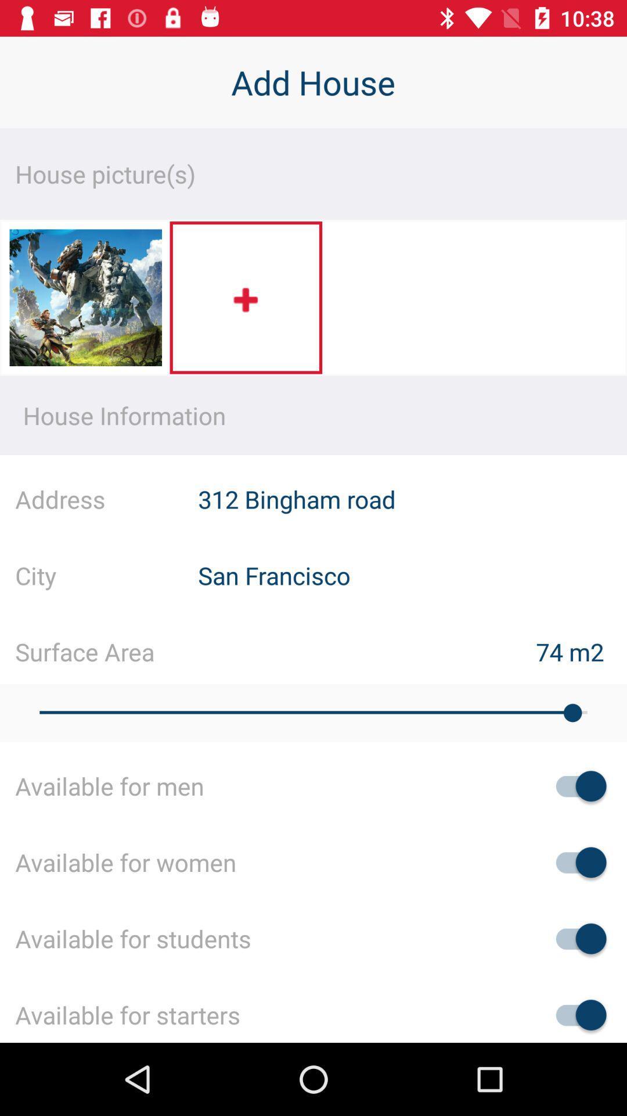  I want to click on adds a picture of the house, so click(245, 298).